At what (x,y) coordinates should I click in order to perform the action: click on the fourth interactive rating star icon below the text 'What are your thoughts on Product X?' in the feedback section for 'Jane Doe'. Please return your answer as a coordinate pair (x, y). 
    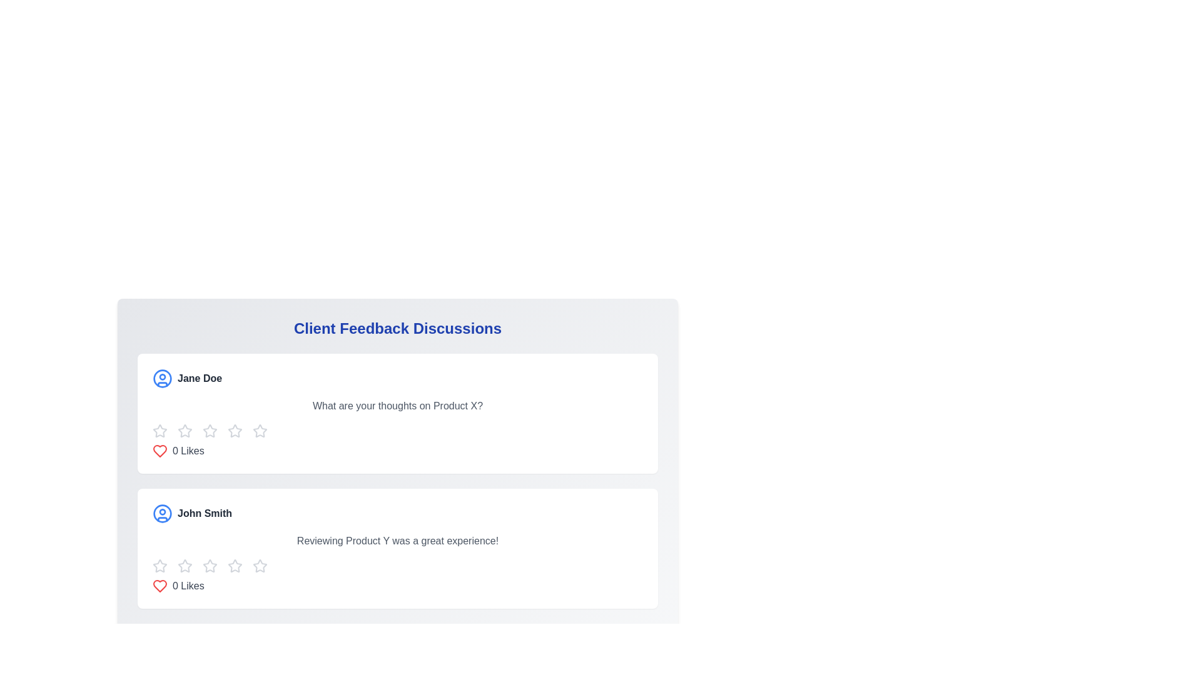
    Looking at the image, I should click on (210, 431).